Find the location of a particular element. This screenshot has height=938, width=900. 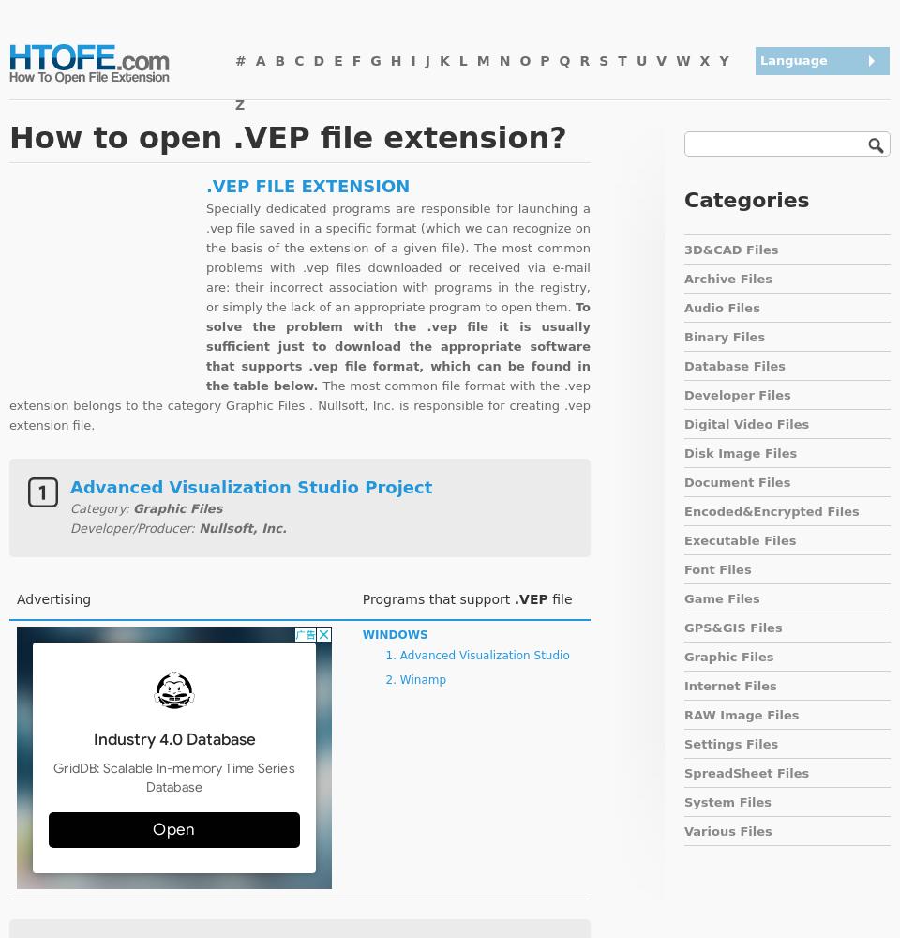

'Disk Image Files' is located at coordinates (740, 452).